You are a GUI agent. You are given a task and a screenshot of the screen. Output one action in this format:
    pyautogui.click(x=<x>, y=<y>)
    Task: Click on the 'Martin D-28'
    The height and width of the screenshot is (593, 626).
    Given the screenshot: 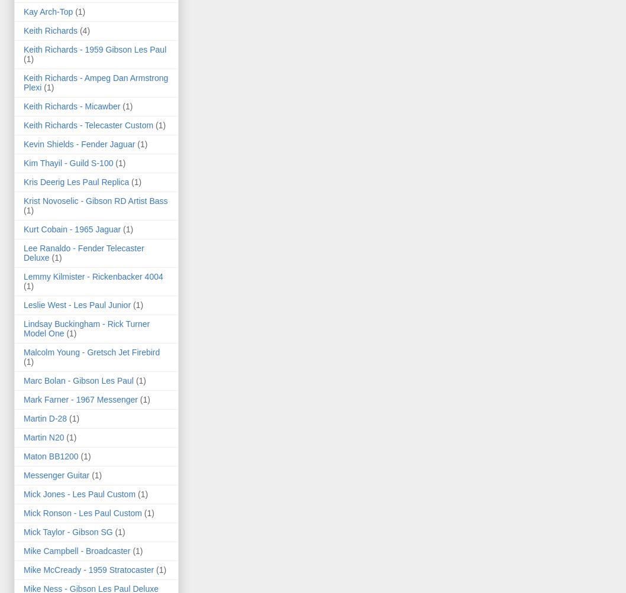 What is the action you would take?
    pyautogui.click(x=45, y=417)
    